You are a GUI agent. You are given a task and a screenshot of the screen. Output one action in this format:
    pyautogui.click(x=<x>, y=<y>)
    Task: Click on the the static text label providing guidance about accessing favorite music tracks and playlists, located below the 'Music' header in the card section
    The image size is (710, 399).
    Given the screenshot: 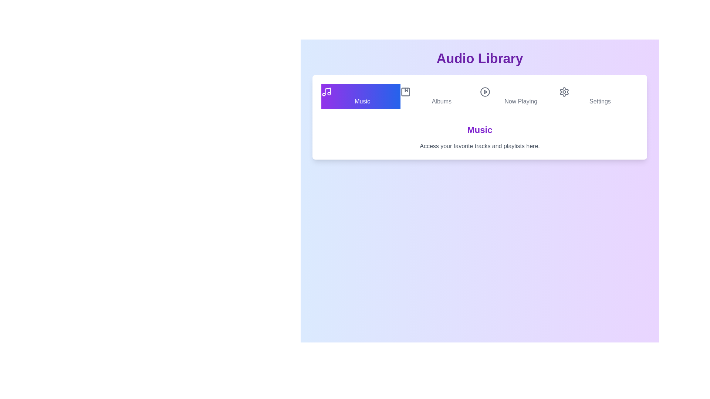 What is the action you would take?
    pyautogui.click(x=480, y=146)
    